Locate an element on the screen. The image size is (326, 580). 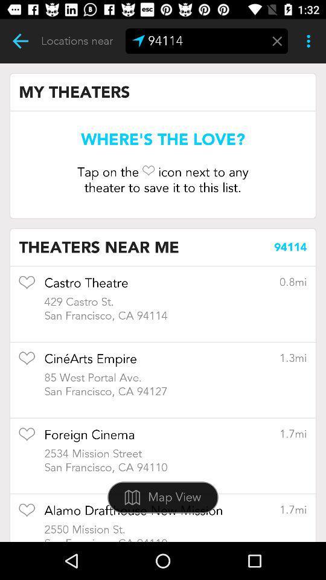
erase zip code field is located at coordinates (277, 41).